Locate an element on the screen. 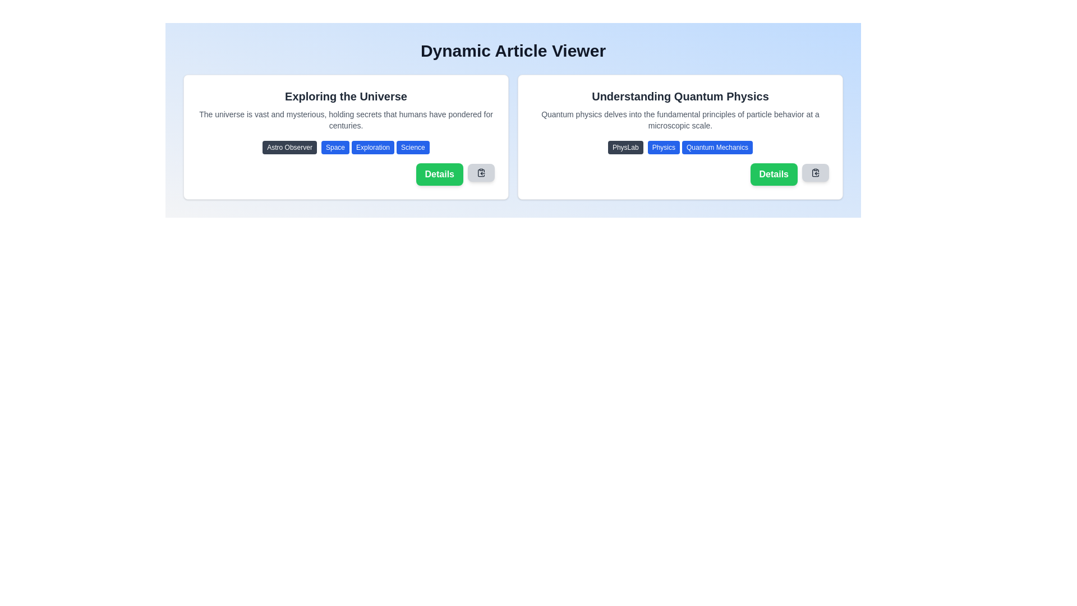  the 'Science' button, which is a small rectangular button with rounded corners, blue background, and white bold text, located under the heading 'Exploring the Universe' is located at coordinates (412, 146).